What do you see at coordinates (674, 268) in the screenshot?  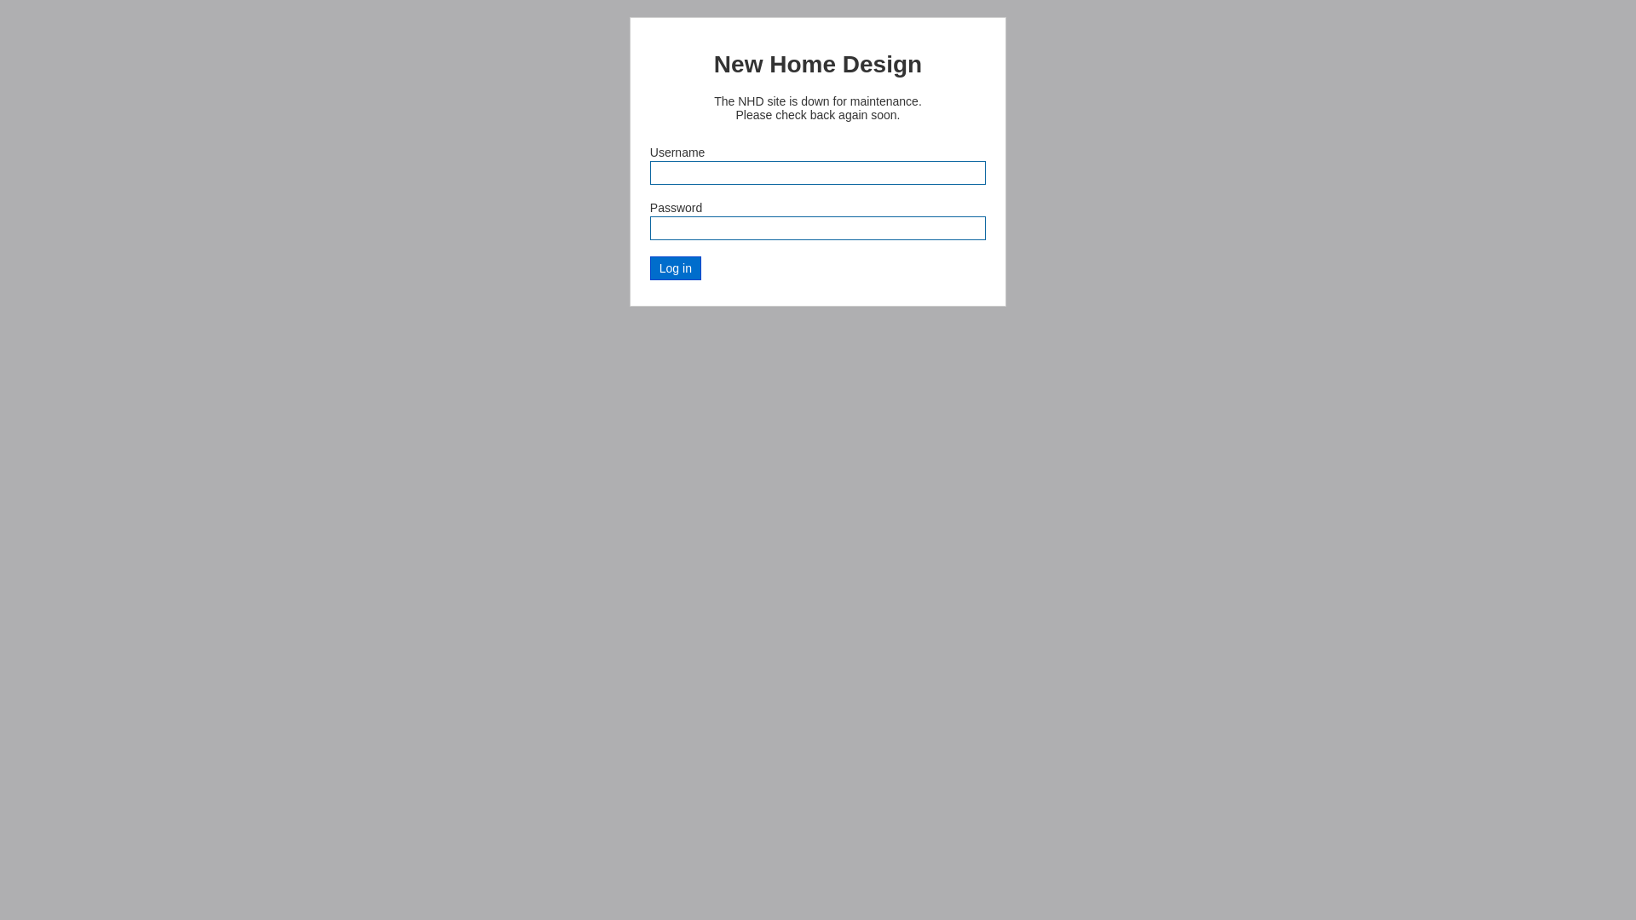 I see `'Log in'` at bounding box center [674, 268].